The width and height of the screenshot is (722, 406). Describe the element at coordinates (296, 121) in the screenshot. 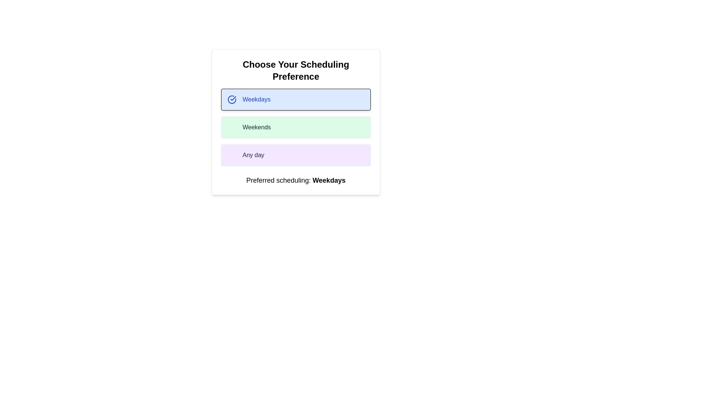

I see `the green 'Weekends' button, which is the second button in a vertical stack of three buttons` at that location.